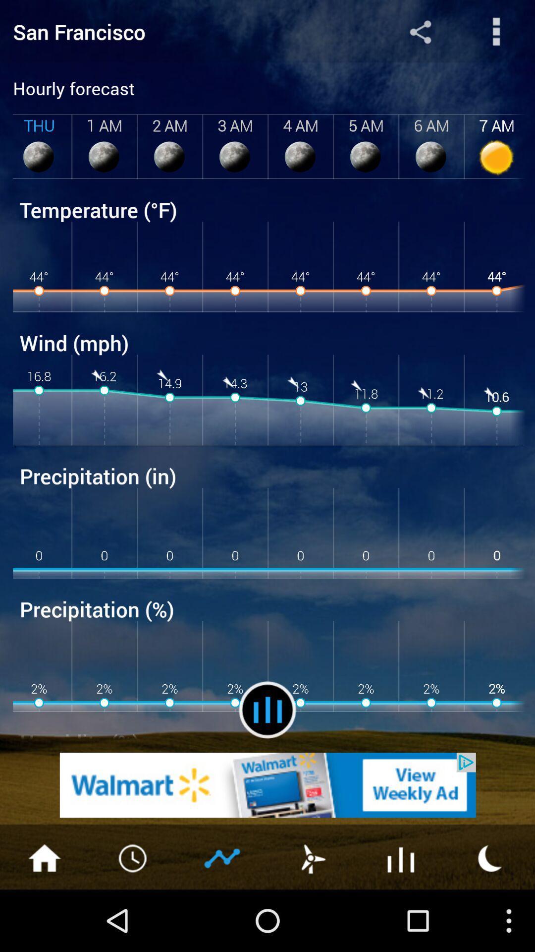 The width and height of the screenshot is (535, 952). Describe the element at coordinates (44, 917) in the screenshot. I see `the home icon` at that location.